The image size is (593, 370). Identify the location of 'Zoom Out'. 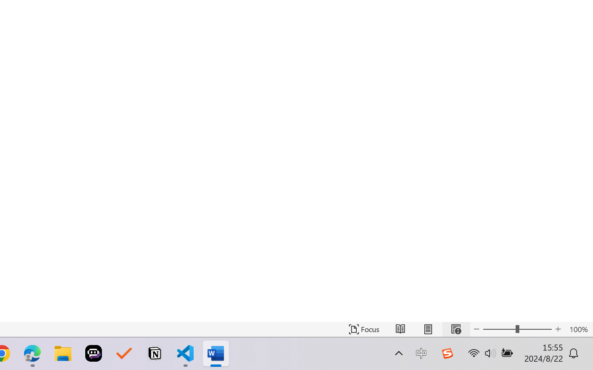
(498, 329).